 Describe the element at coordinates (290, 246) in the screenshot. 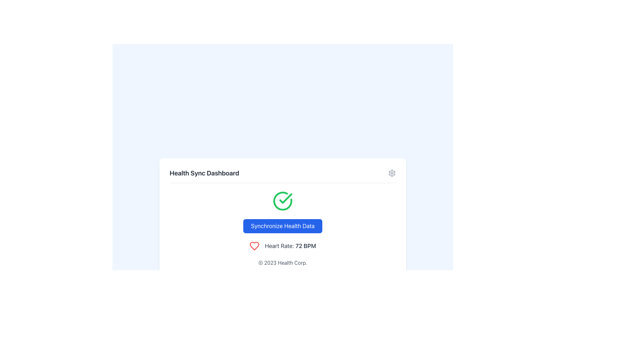

I see `the text label displaying 'Heart Rate: 72 BPM'` at that location.